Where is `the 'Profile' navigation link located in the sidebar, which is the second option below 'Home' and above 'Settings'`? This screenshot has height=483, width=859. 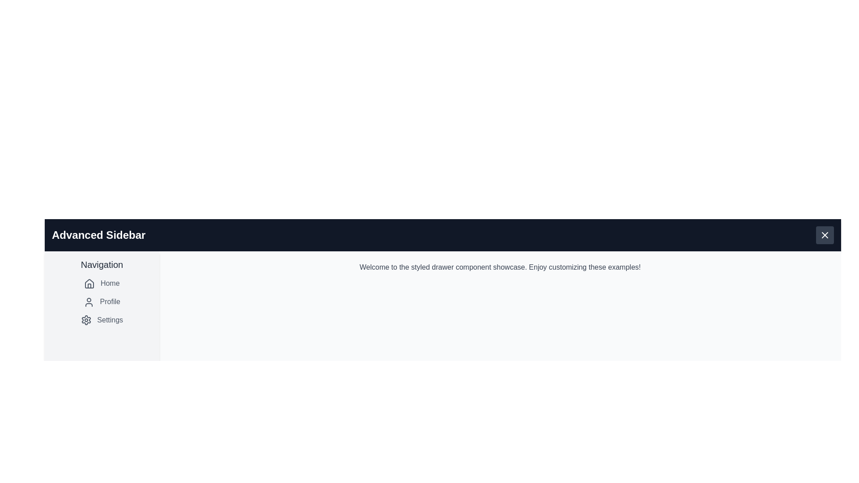 the 'Profile' navigation link located in the sidebar, which is the second option below 'Home' and above 'Settings' is located at coordinates (102, 302).